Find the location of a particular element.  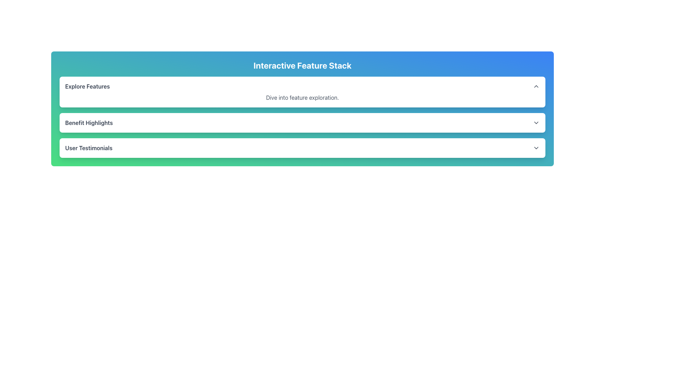

the prominent heading element displaying 'Interactive Feature Stack', which is bold and large with white text against a gradient background is located at coordinates (302, 65).